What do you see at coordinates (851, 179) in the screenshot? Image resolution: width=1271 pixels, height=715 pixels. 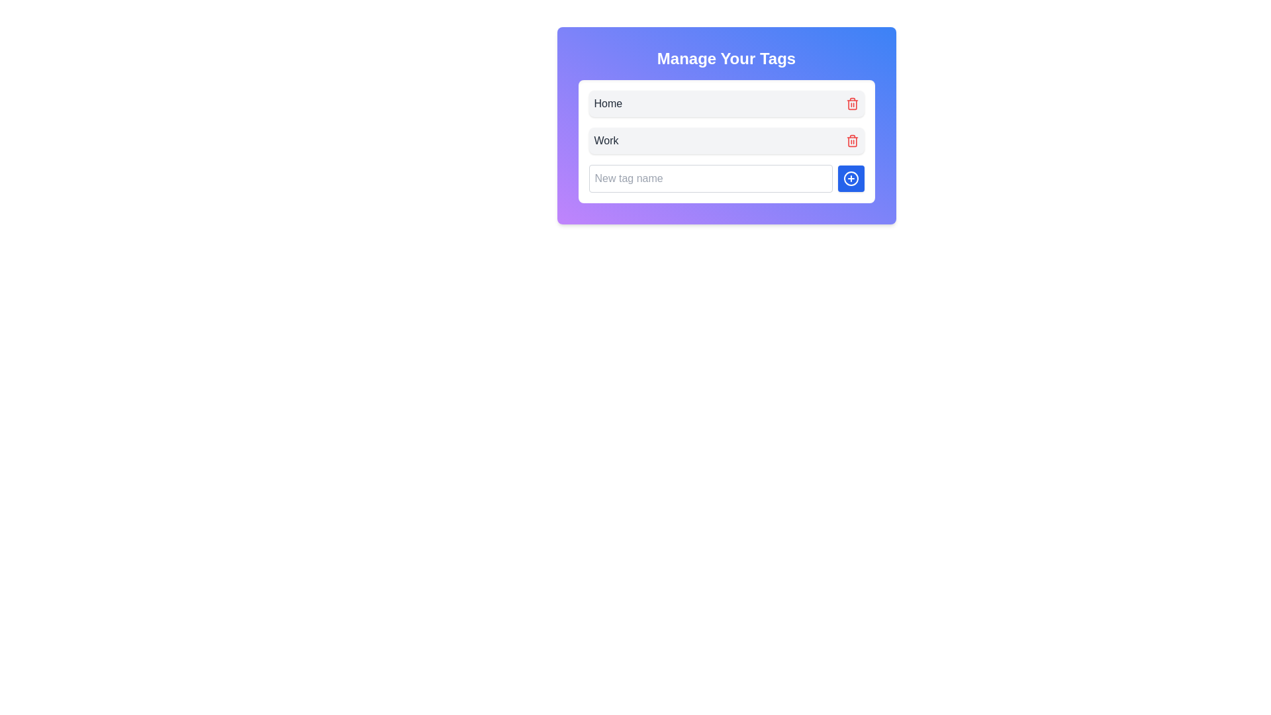 I see `the blue circular button with a white plus sign icon located immediately to the right of the 'New tag name' input field in the 'Manage Your Tags' card interface` at bounding box center [851, 179].